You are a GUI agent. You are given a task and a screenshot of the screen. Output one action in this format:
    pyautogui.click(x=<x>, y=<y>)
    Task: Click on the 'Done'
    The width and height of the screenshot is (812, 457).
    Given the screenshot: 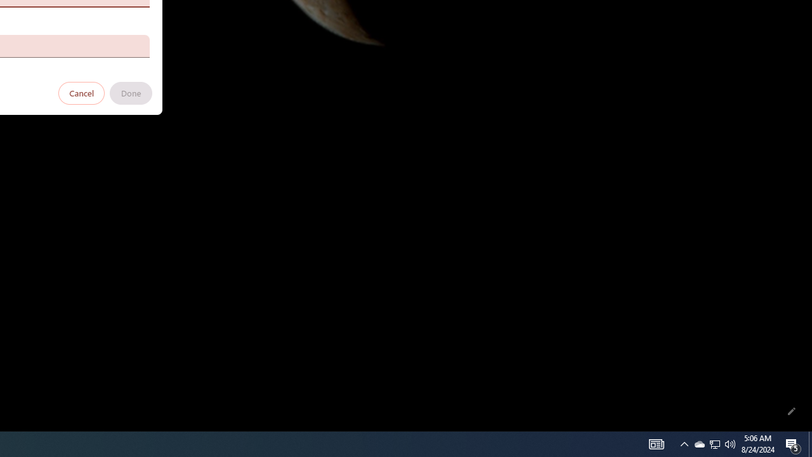 What is the action you would take?
    pyautogui.click(x=131, y=92)
    